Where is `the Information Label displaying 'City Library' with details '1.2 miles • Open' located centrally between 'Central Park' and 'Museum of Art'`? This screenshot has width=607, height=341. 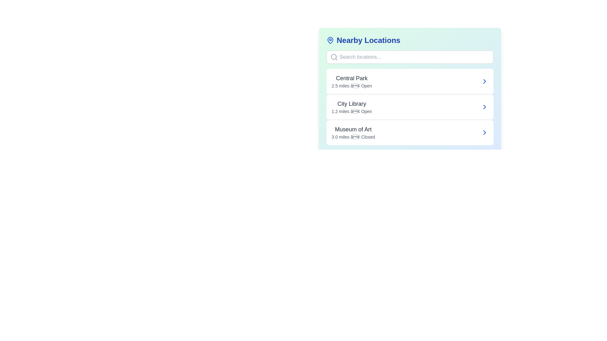 the Information Label displaying 'City Library' with details '1.2 miles • Open' located centrally between 'Central Park' and 'Museum of Art' is located at coordinates (351, 107).